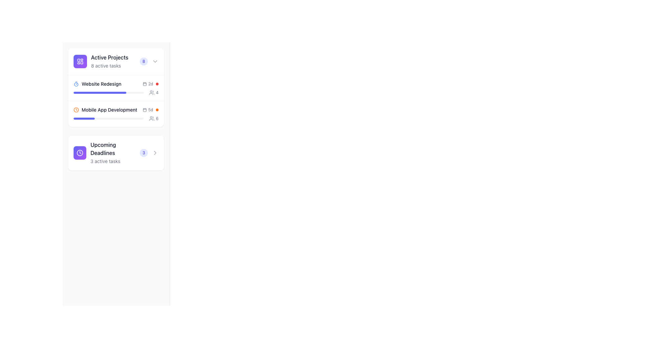 This screenshot has height=363, width=645. I want to click on the orange minimalist clock icon located to the left of the 'Mobile App Development' text, so click(76, 110).